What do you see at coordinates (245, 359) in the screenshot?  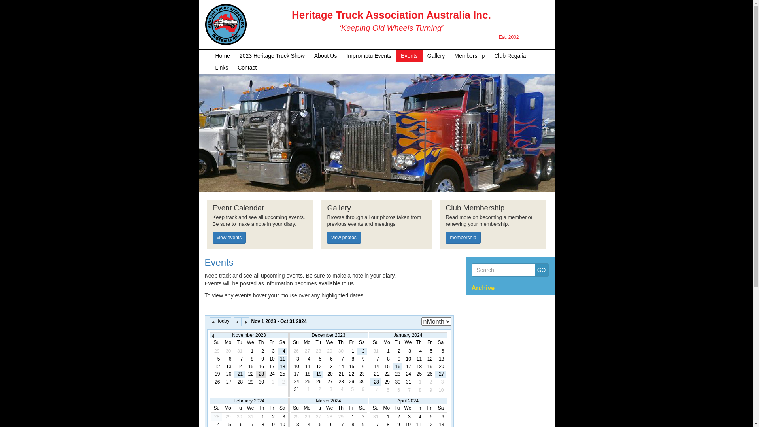 I see `'8'` at bounding box center [245, 359].